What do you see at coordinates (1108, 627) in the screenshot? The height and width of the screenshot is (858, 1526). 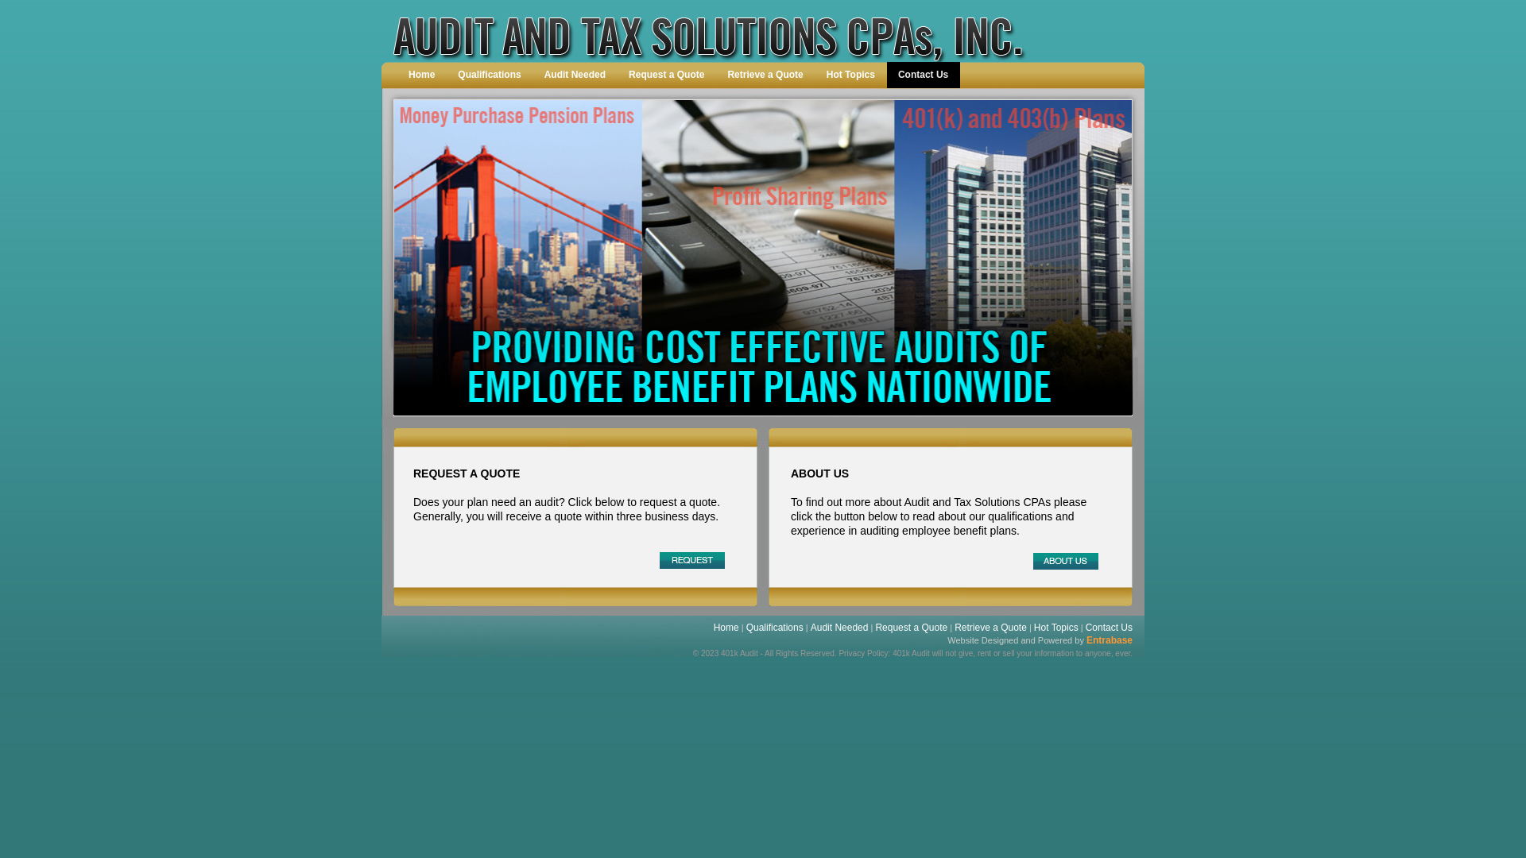 I see `'Contact Us'` at bounding box center [1108, 627].